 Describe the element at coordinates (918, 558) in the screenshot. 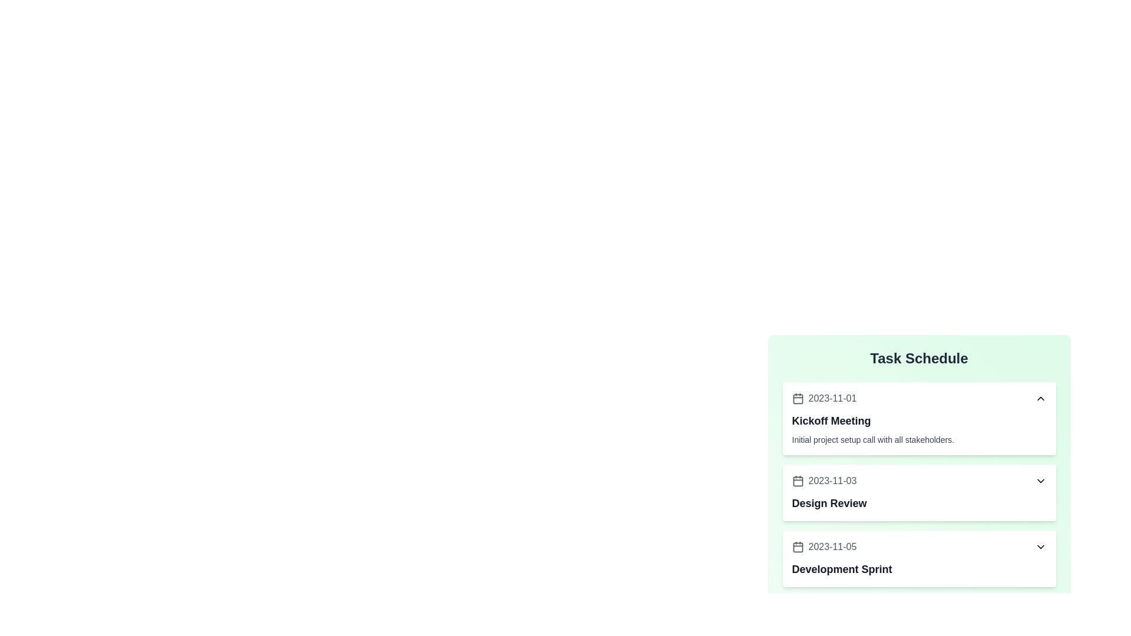

I see `the text of the task details for the task on 2023-11-05` at that location.